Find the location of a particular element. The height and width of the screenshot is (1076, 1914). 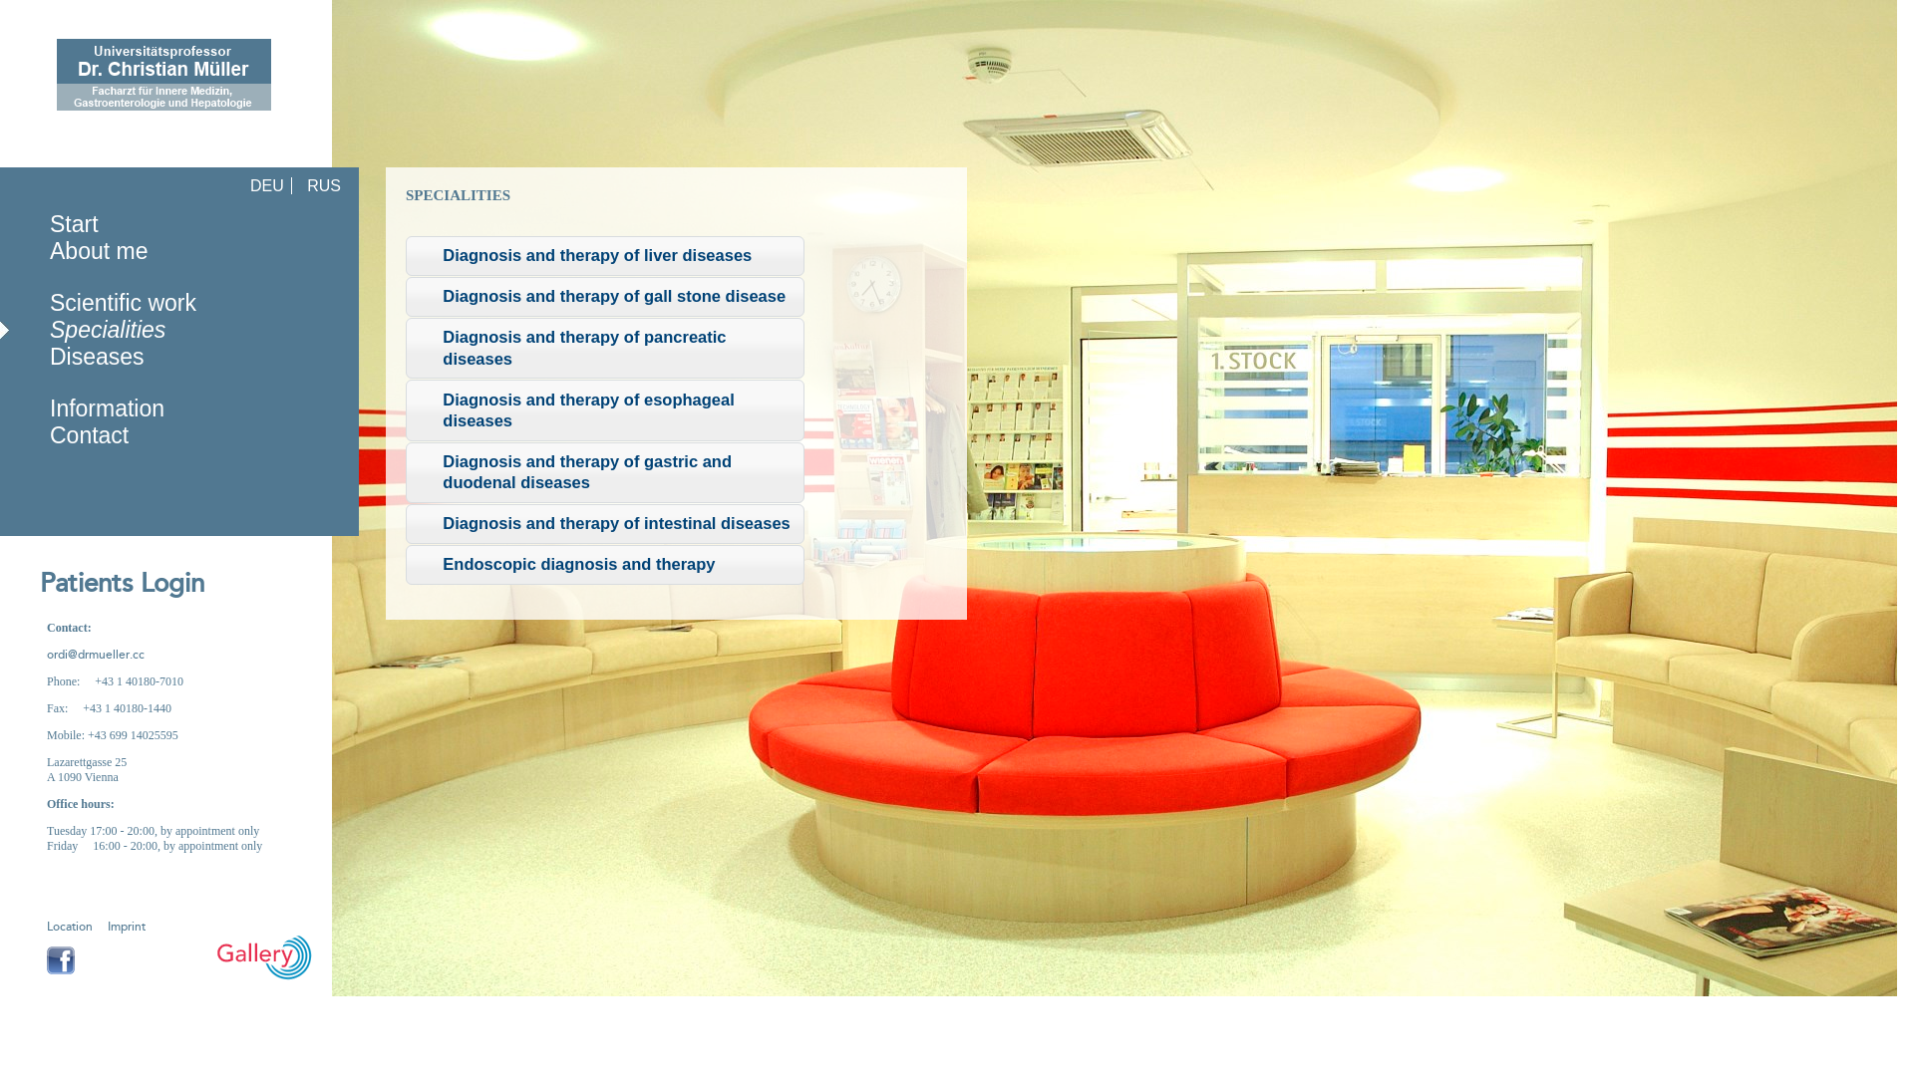

'ordi@drmueller.cc' is located at coordinates (95, 655).